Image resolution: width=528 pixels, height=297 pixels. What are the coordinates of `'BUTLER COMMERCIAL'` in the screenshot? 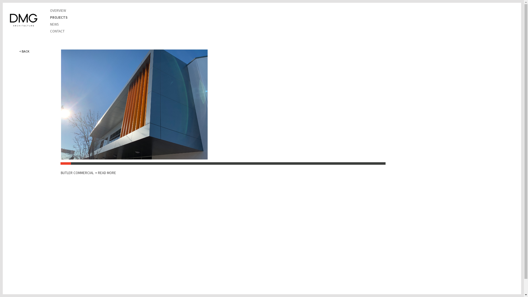 It's located at (77, 172).